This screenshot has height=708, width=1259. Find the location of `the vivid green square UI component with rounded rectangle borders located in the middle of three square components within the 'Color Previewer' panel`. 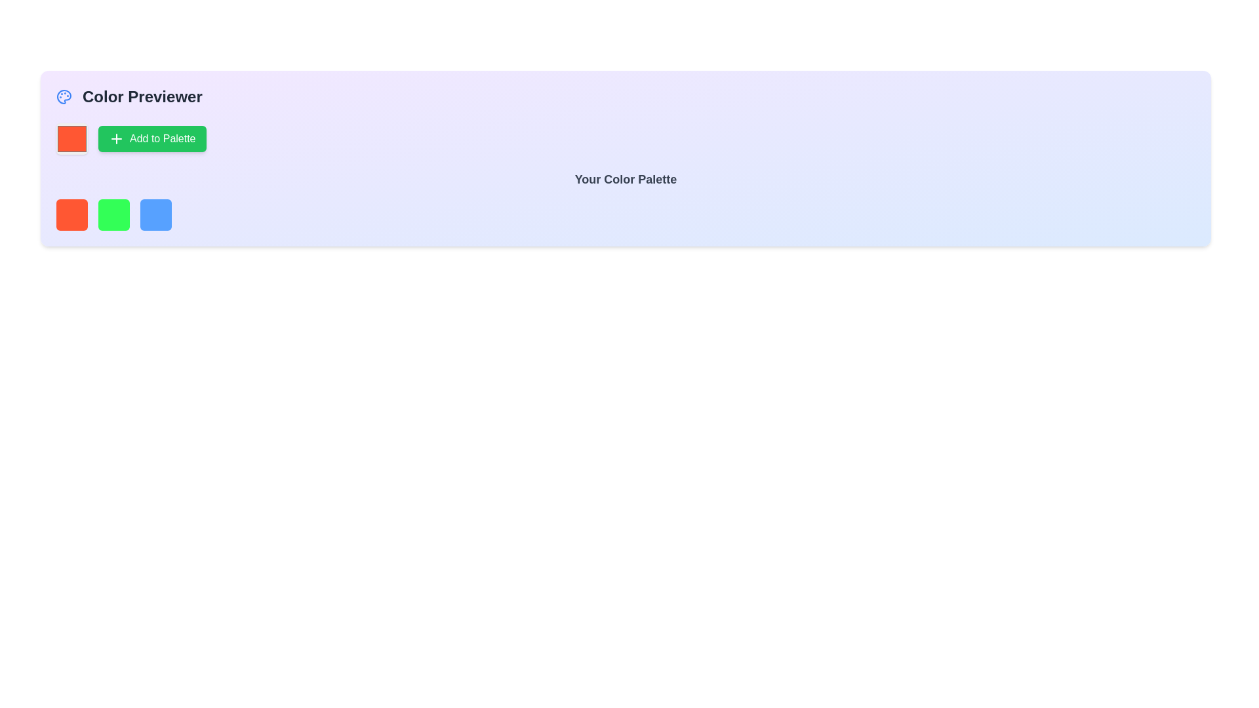

the vivid green square UI component with rounded rectangle borders located in the middle of three square components within the 'Color Previewer' panel is located at coordinates (113, 214).